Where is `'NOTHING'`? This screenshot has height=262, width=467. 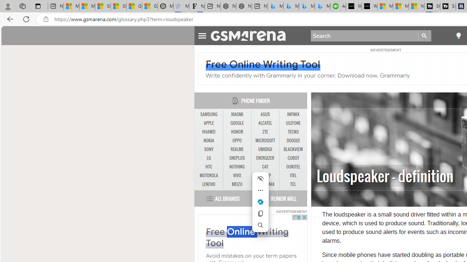 'NOTHING' is located at coordinates (237, 167).